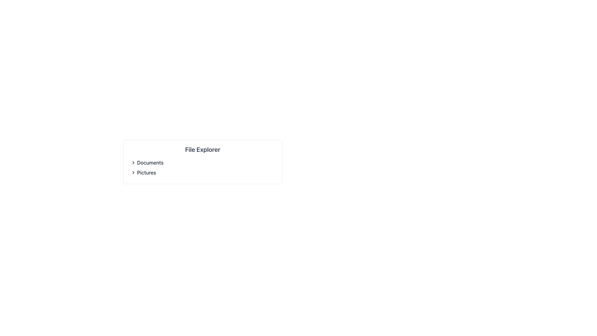  What do you see at coordinates (150, 162) in the screenshot?
I see `the 'Documents' text label under the 'File Explorer' header` at bounding box center [150, 162].